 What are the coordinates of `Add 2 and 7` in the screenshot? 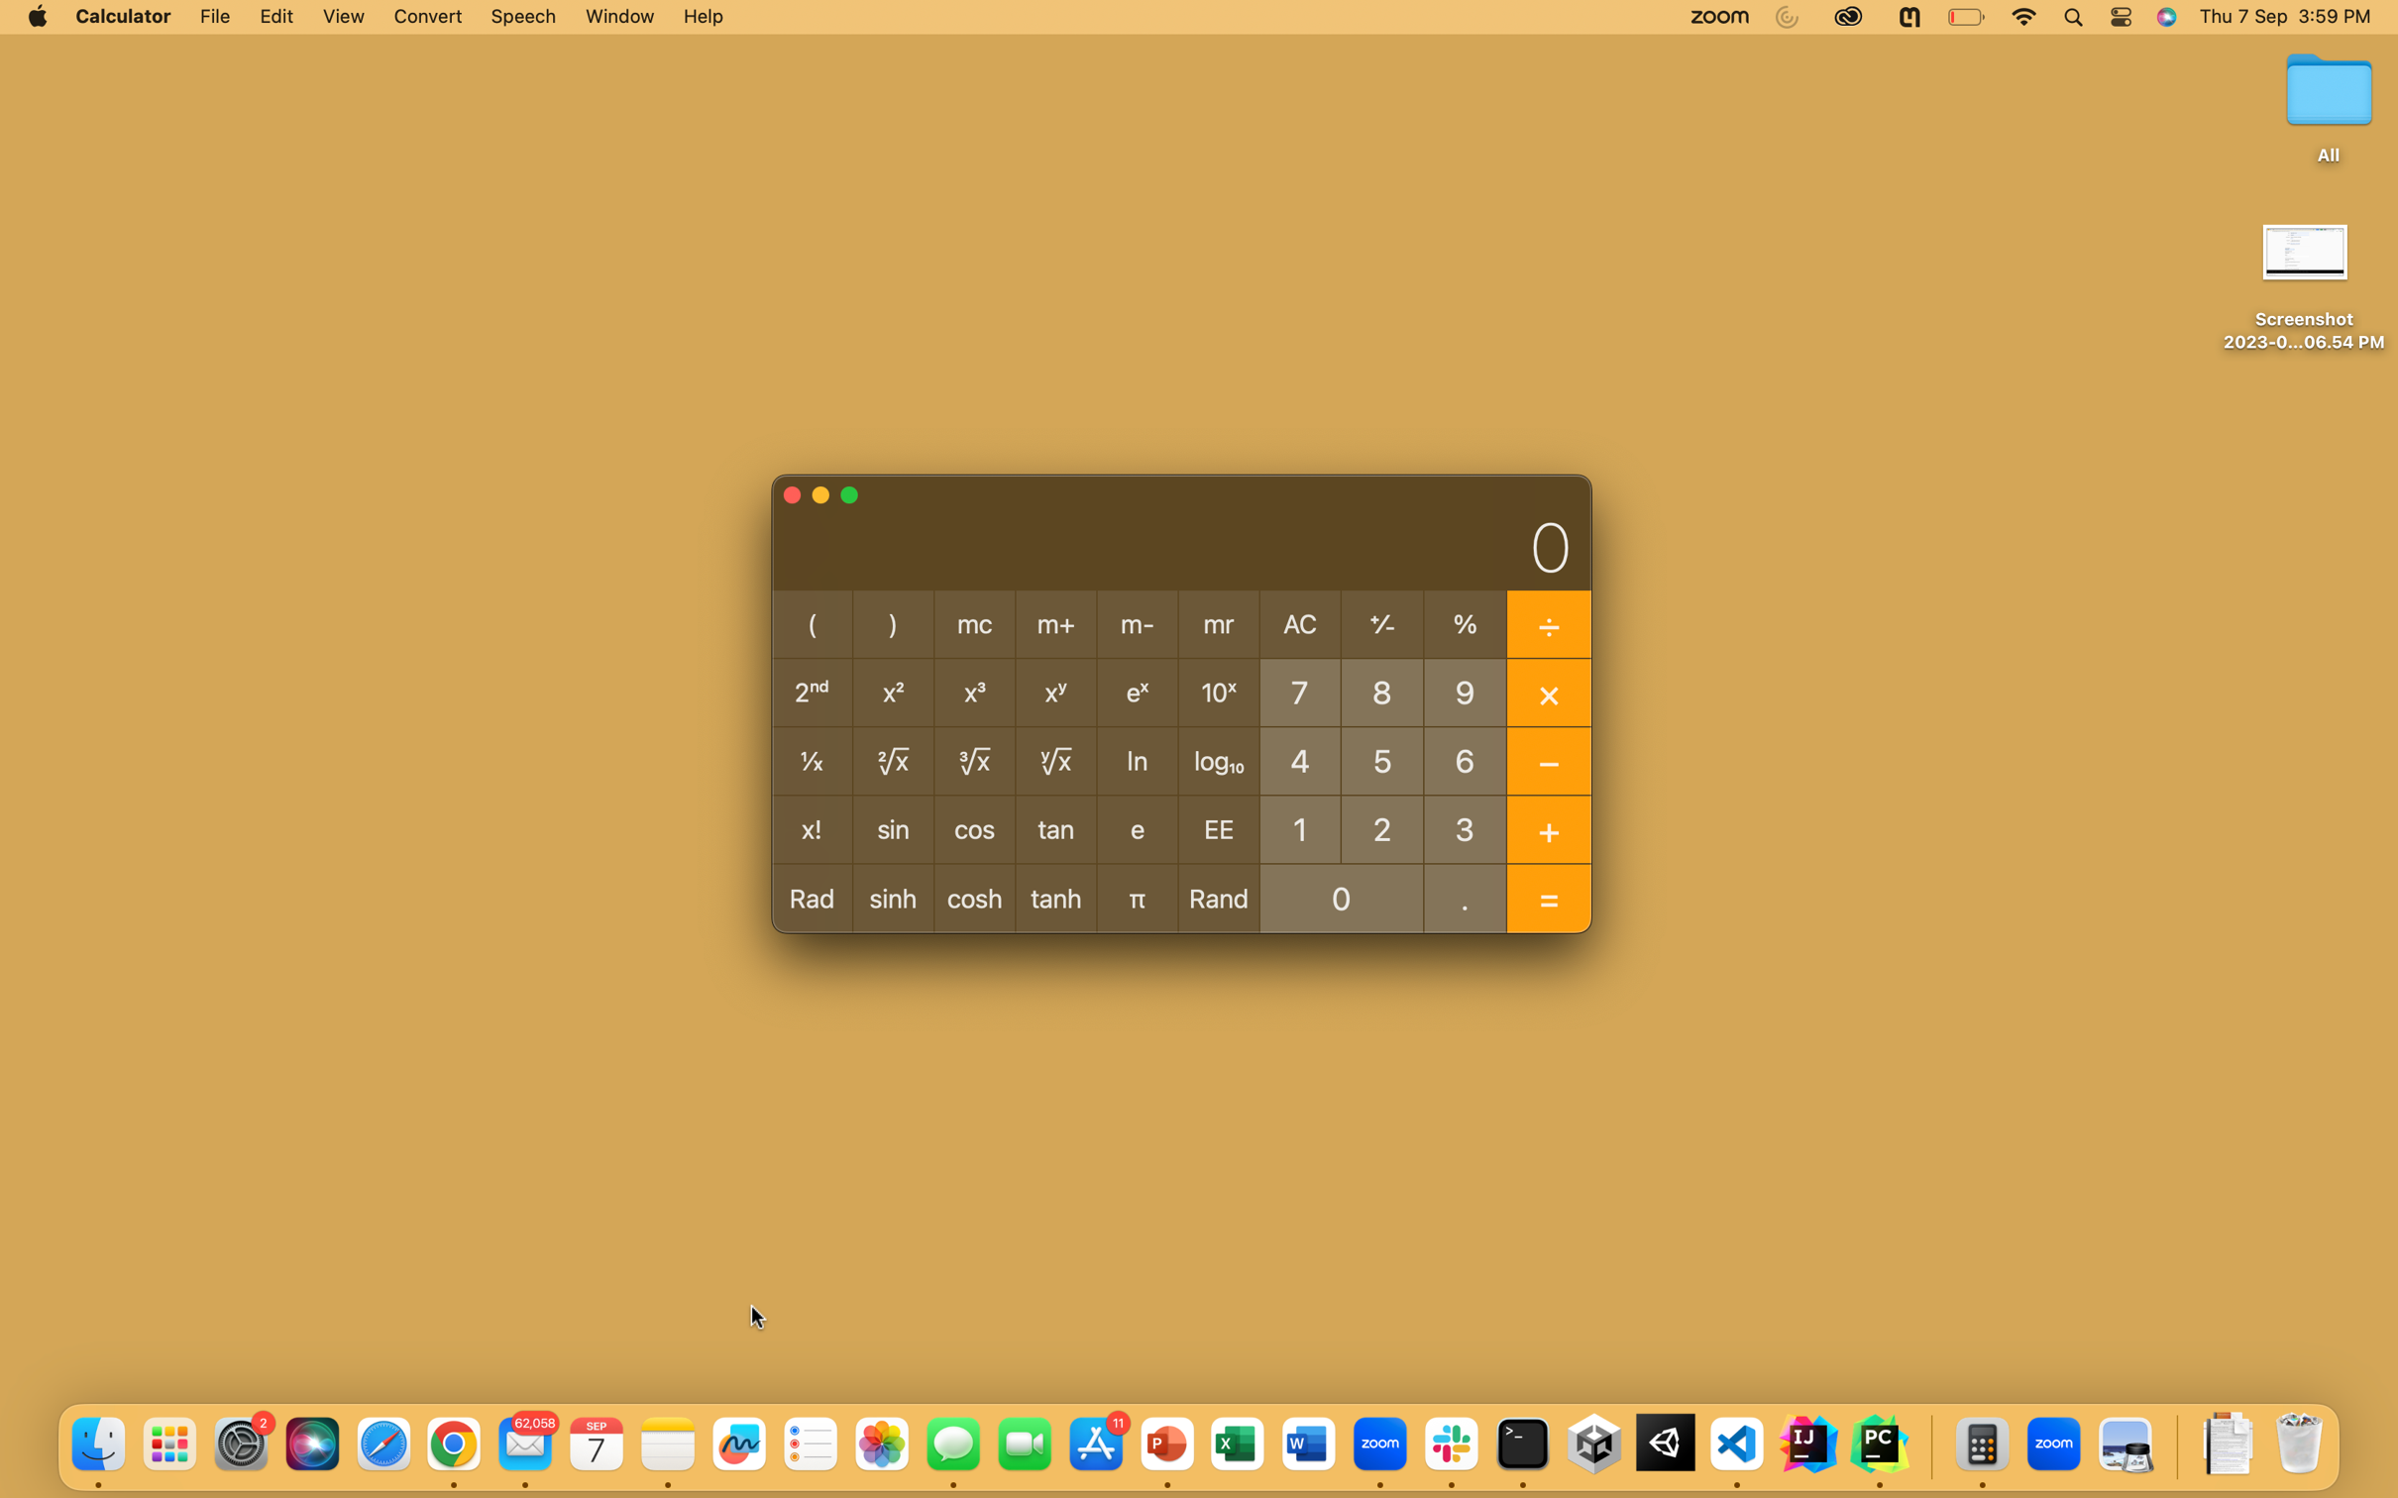 It's located at (1381, 826).